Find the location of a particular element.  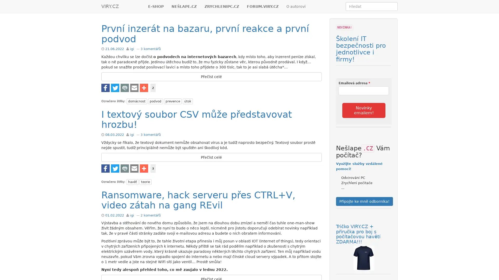

Novinky emailem! is located at coordinates (363, 110).